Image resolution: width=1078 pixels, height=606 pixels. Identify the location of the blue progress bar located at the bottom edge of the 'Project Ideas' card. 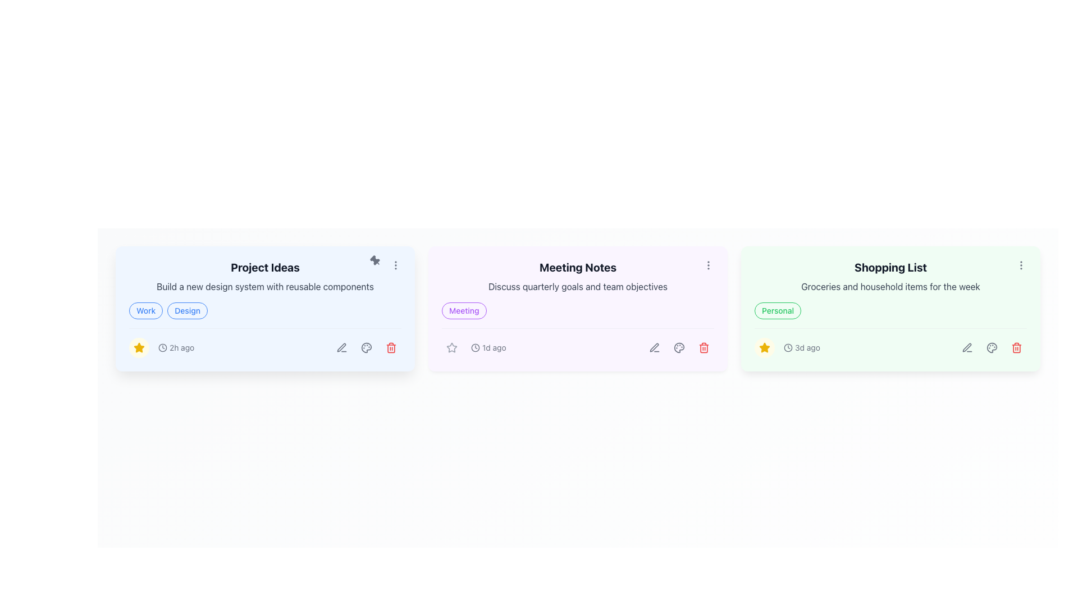
(264, 370).